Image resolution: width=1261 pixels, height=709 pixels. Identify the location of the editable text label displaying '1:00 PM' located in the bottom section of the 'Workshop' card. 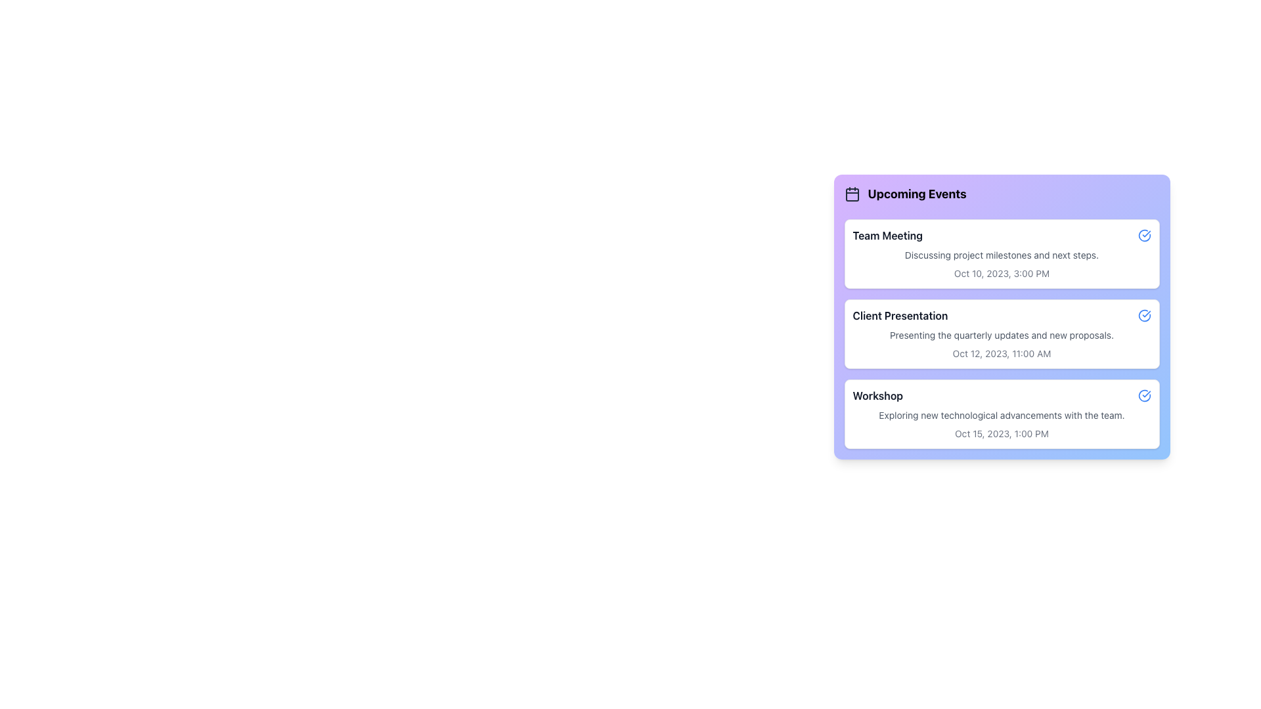
(1030, 433).